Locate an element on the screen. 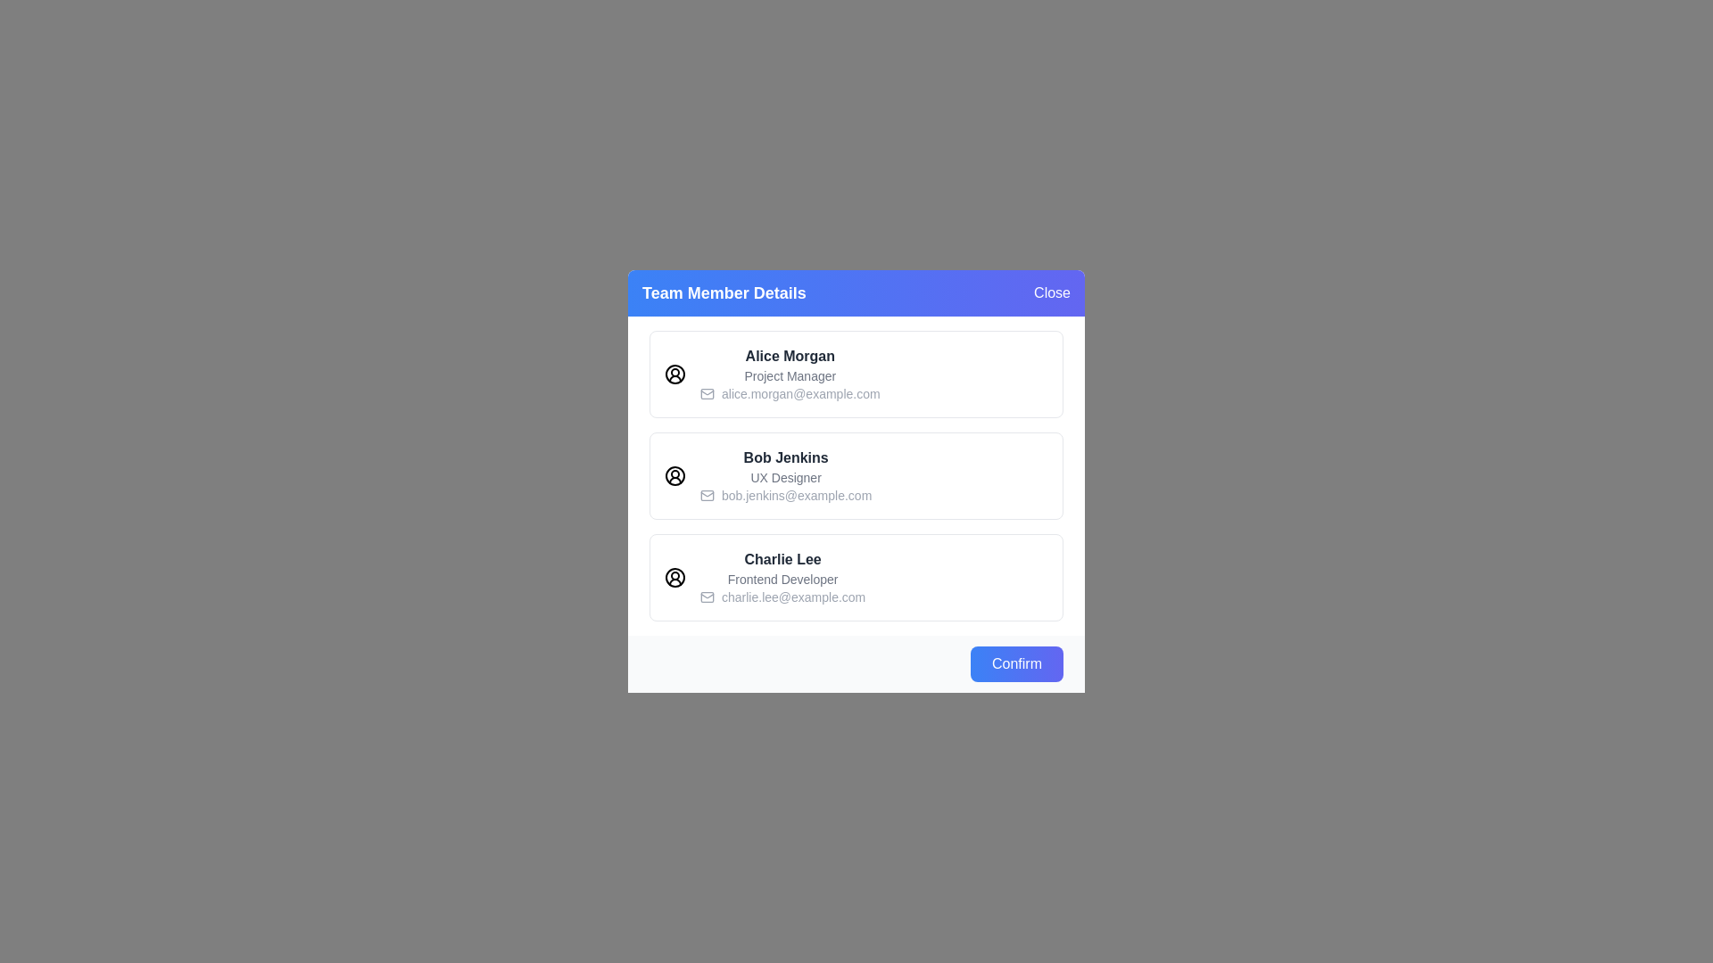 This screenshot has width=1713, height=963. email address displayed in the text label with an envelope icon, which shows 'bob.jenkins@example.com' in light gray text, positioned below the job title 'UX Designer' is located at coordinates (785, 495).